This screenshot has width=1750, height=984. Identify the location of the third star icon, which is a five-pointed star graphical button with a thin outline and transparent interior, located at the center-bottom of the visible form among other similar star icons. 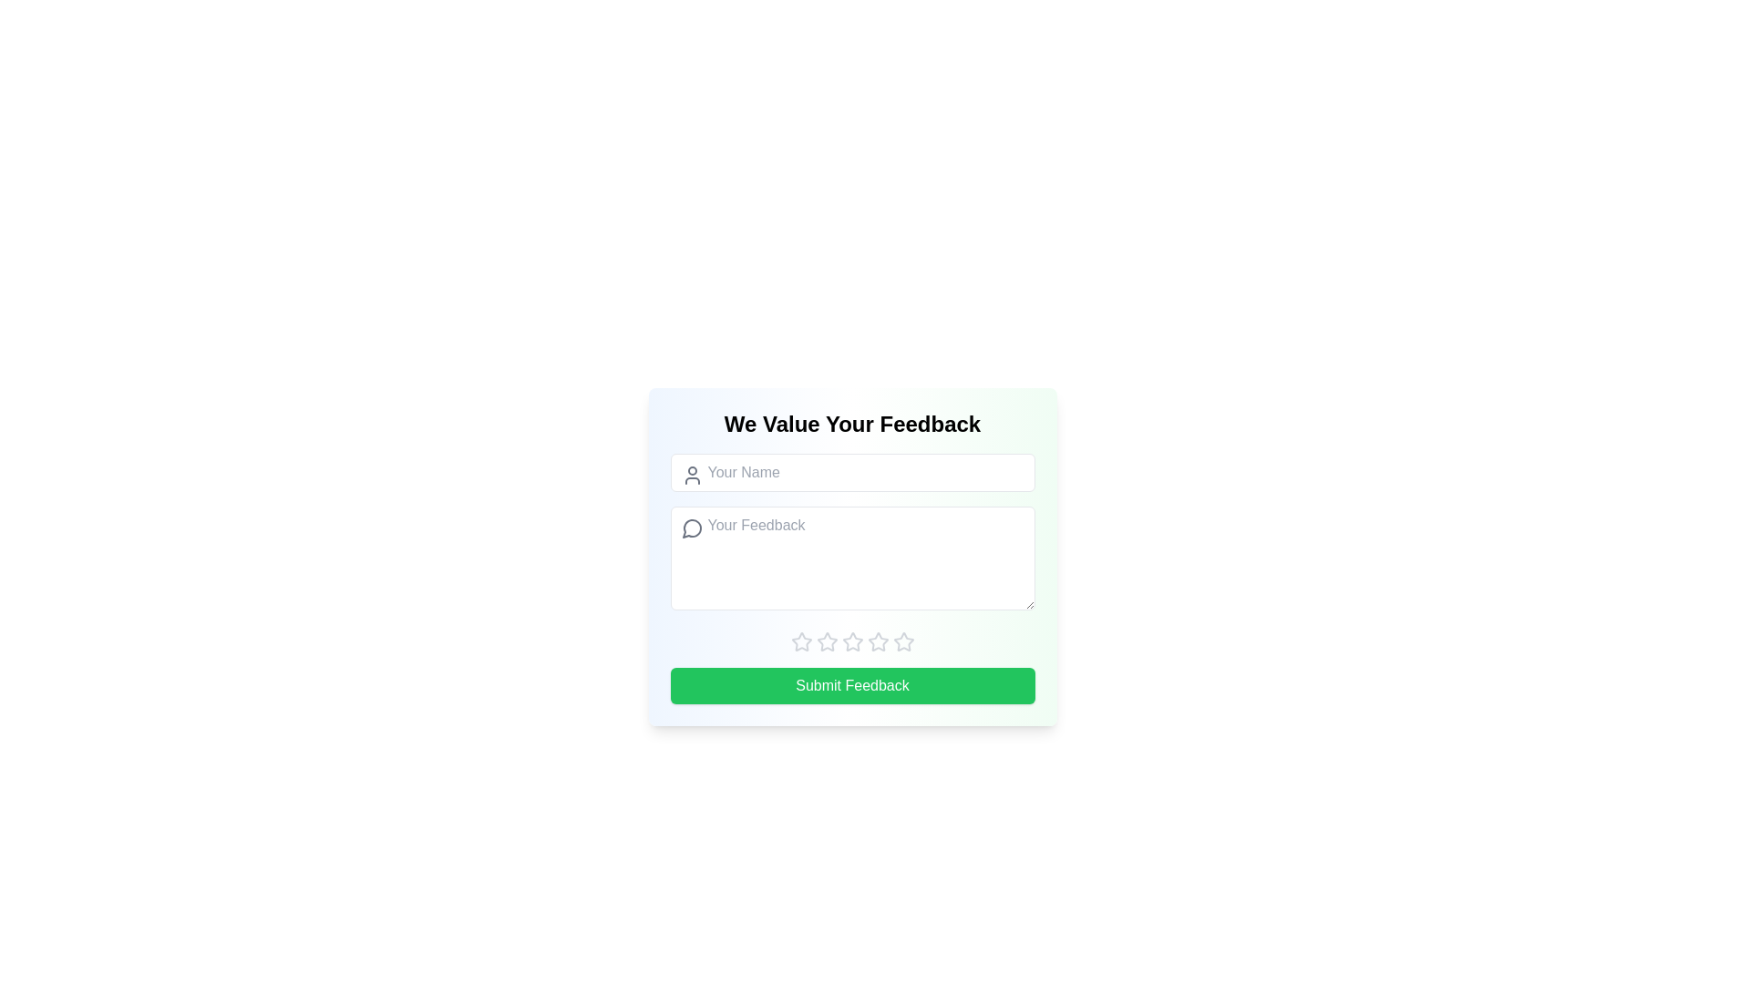
(878, 641).